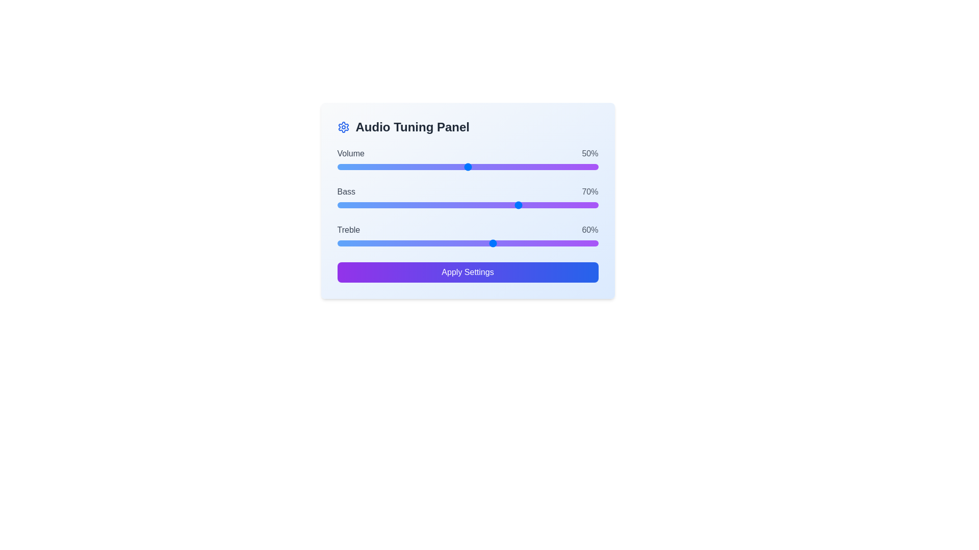 The image size is (979, 550). I want to click on the title text indicating the audio settings panel, located to the right of the gear-shaped icon in the title bar, so click(413, 127).